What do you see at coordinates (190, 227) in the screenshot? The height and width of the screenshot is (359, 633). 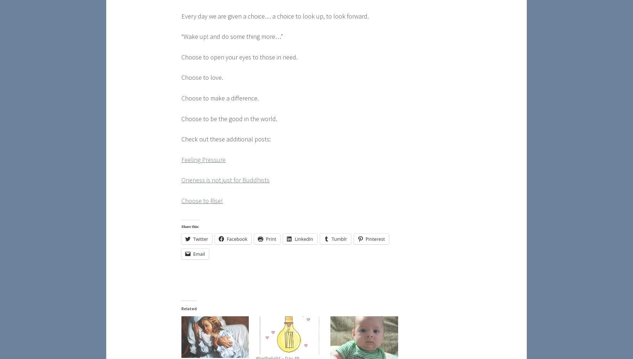 I see `'Share this:'` at bounding box center [190, 227].